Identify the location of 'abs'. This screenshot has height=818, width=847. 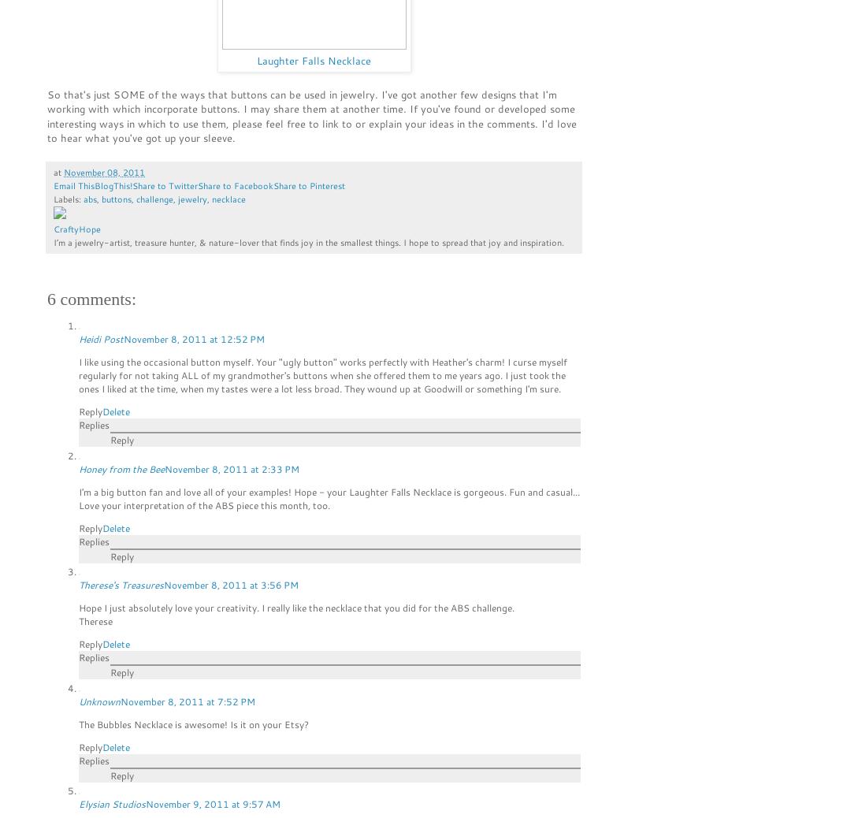
(89, 198).